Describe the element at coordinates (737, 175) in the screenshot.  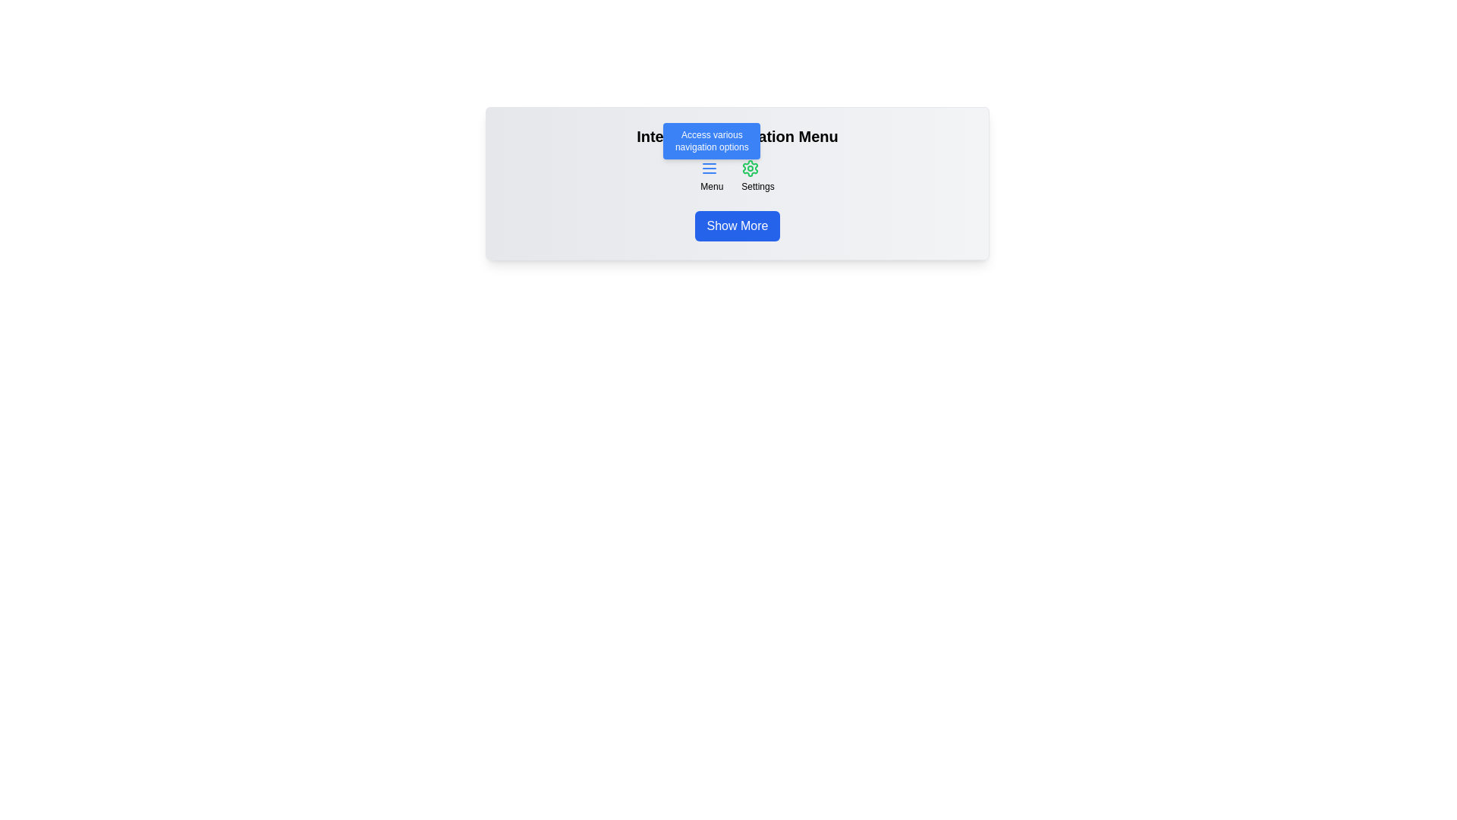
I see `the navigation menu icons in the 'Interactive Navigation Menu' section` at that location.